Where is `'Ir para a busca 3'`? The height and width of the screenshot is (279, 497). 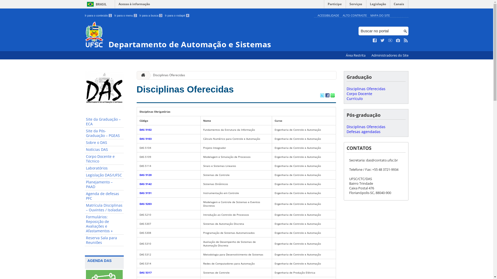
'Ir para a busca 3' is located at coordinates (151, 15).